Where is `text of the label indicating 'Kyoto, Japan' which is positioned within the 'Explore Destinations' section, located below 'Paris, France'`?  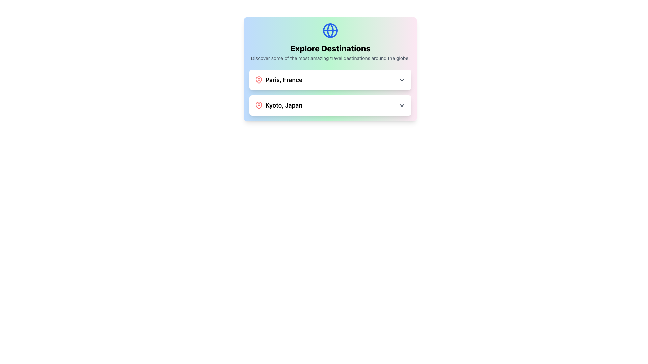
text of the label indicating 'Kyoto, Japan' which is positioned within the 'Explore Destinations' section, located below 'Paris, France' is located at coordinates (278, 105).